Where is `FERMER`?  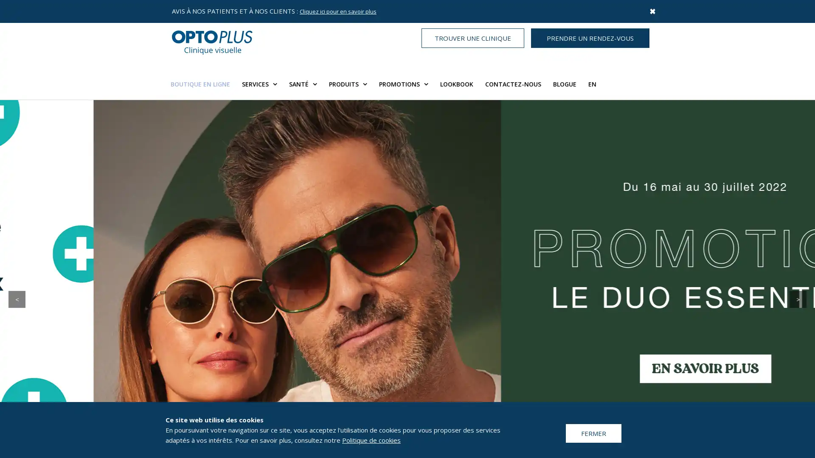
FERMER is located at coordinates (593, 433).